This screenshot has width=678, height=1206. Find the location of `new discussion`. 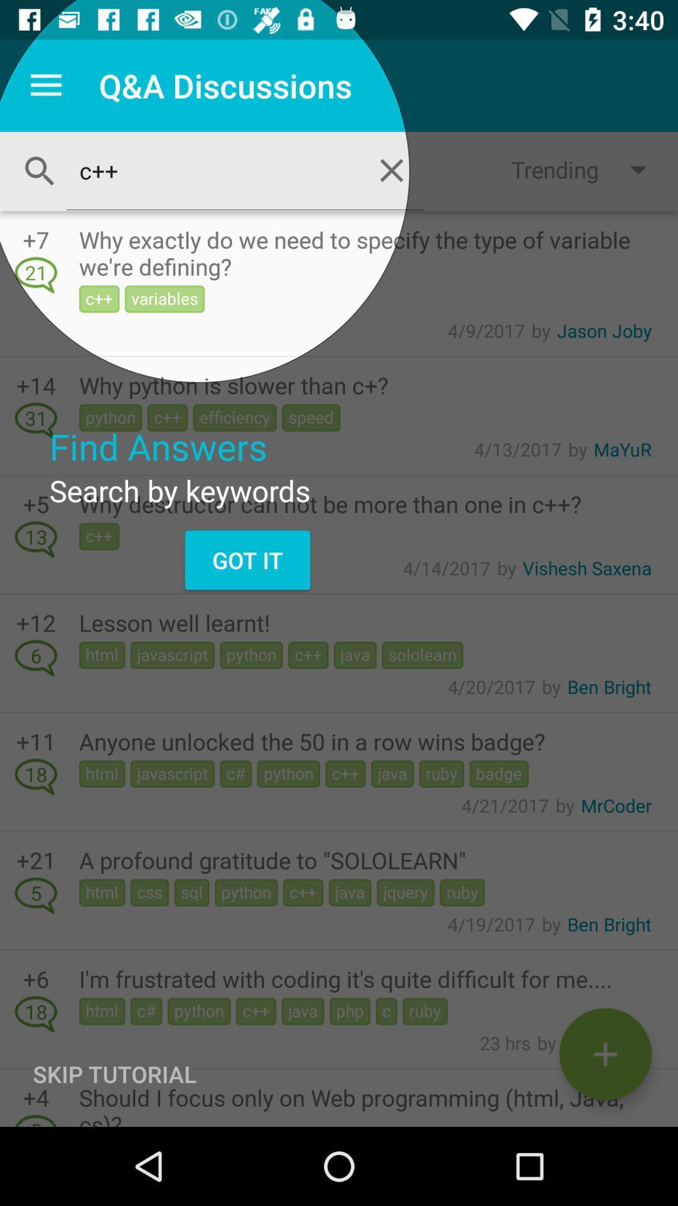

new discussion is located at coordinates (605, 1054).